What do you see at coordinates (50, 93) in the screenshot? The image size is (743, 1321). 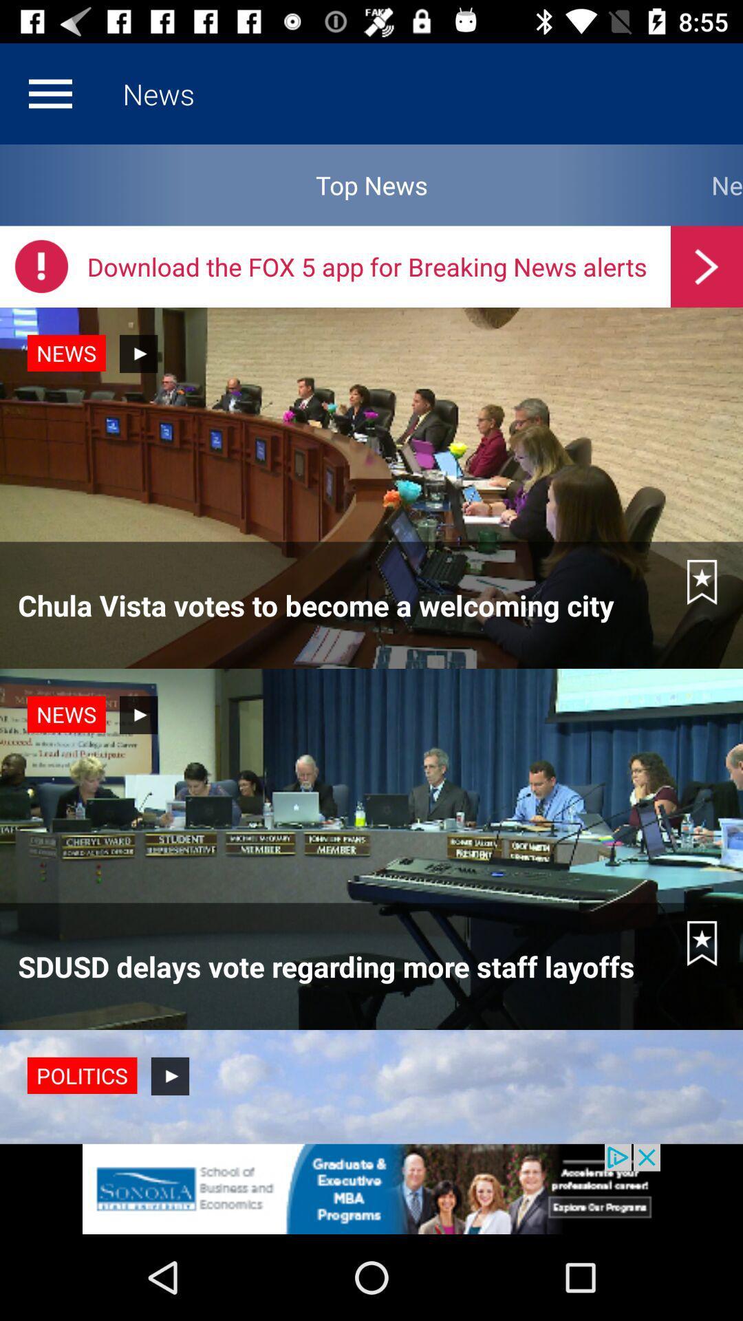 I see `home option` at bounding box center [50, 93].